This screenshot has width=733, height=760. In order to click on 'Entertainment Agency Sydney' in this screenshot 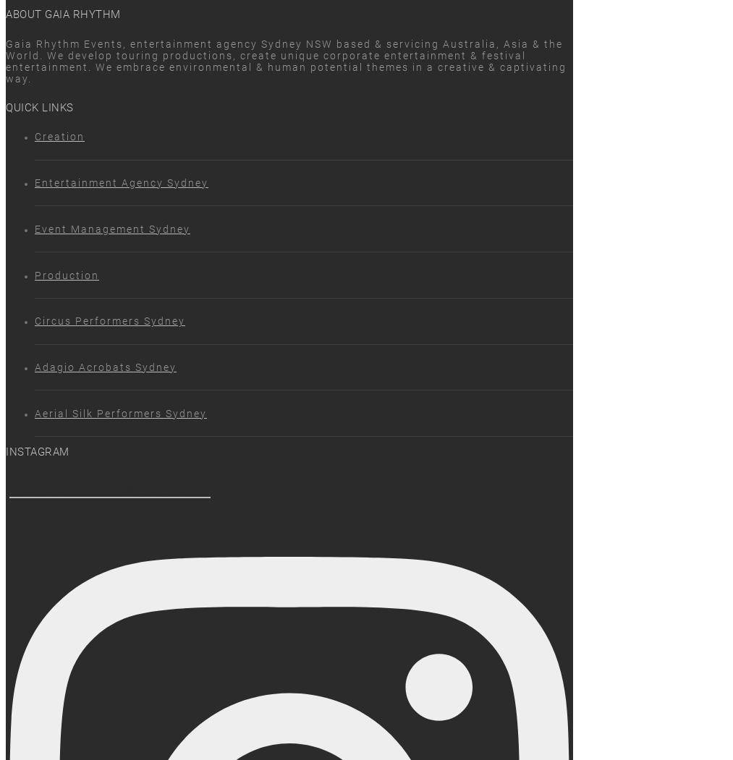, I will do `click(34, 182)`.